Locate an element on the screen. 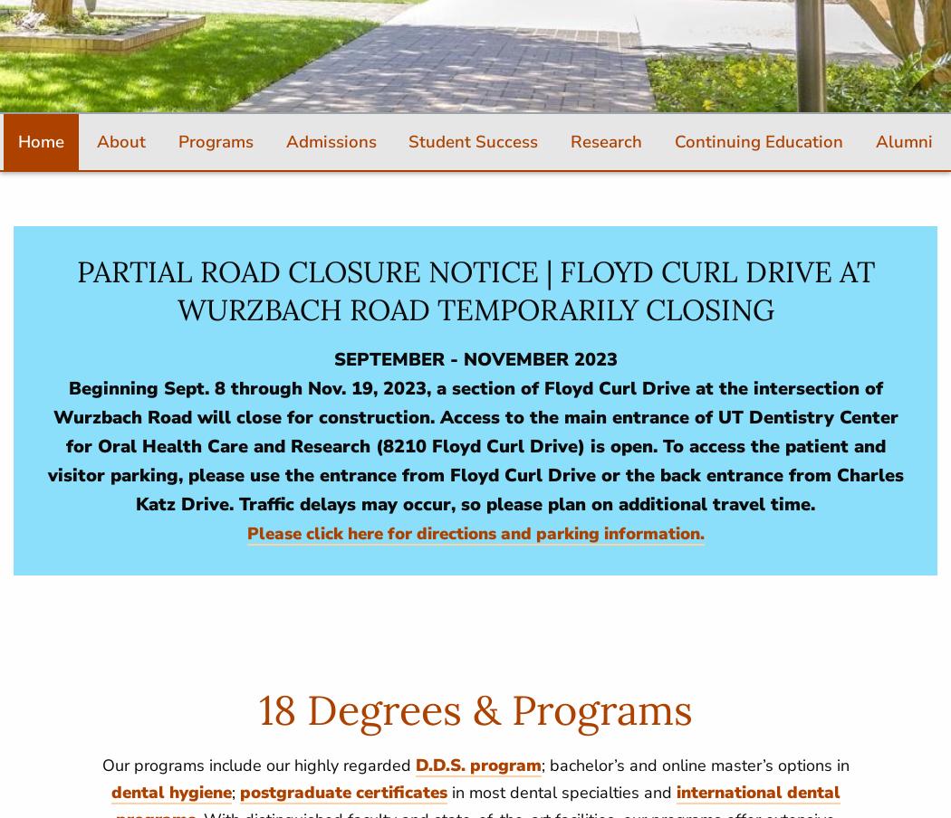 The height and width of the screenshot is (818, 951). 'Catalog' is located at coordinates (883, 39).